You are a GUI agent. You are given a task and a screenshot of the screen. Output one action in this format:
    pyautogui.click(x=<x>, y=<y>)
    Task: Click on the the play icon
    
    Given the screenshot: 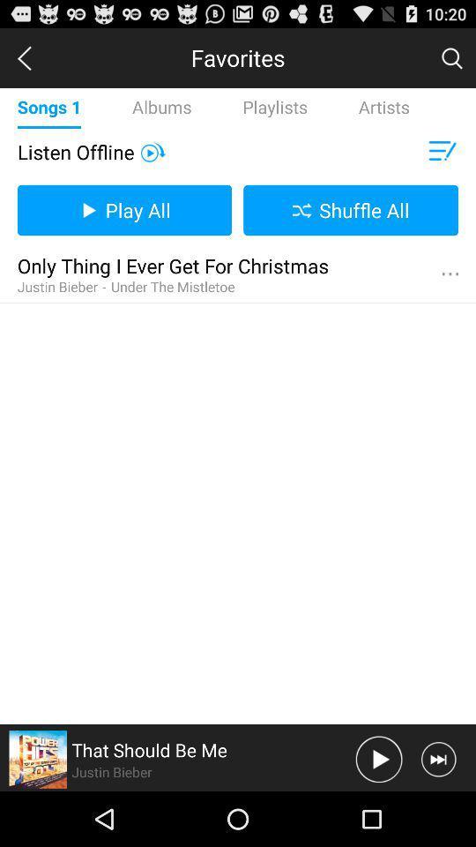 What is the action you would take?
    pyautogui.click(x=152, y=162)
    